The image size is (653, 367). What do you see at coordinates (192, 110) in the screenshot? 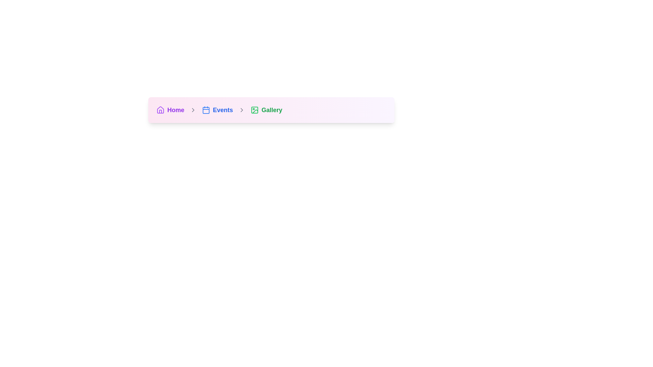
I see `the chevron separator icon in the breadcrumb navigation located to the right of the 'Events' breadcrumb` at bounding box center [192, 110].